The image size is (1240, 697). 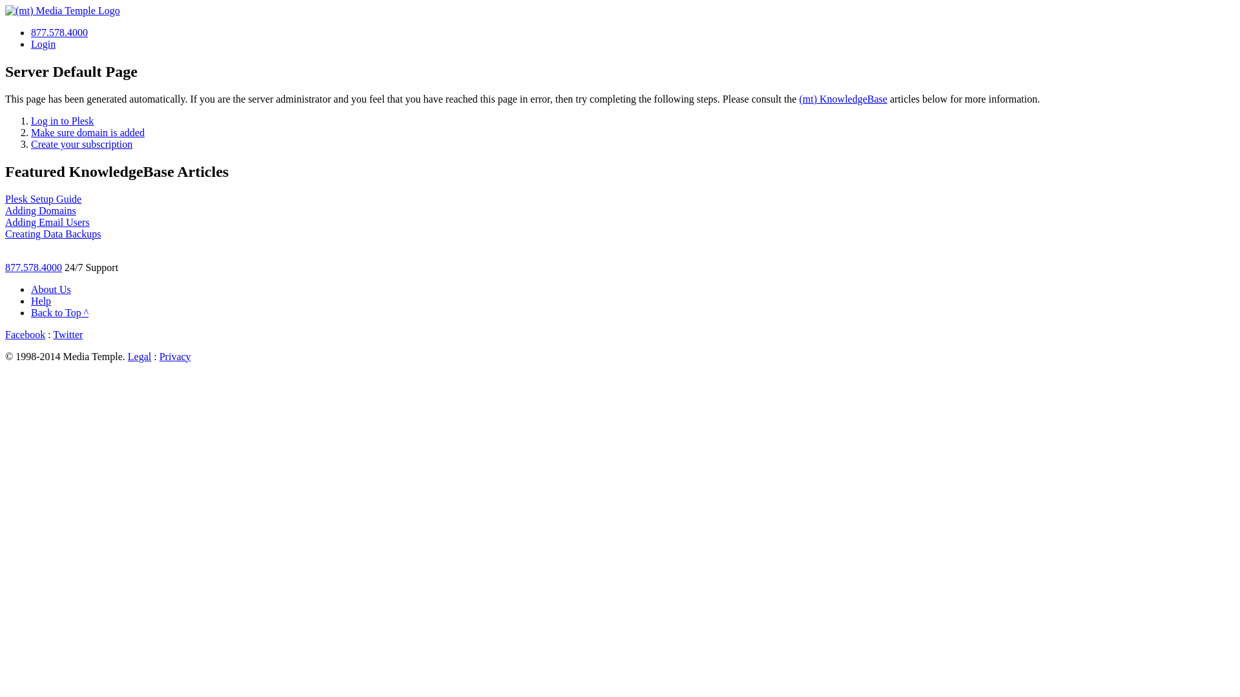 What do you see at coordinates (31, 301) in the screenshot?
I see `'Help'` at bounding box center [31, 301].